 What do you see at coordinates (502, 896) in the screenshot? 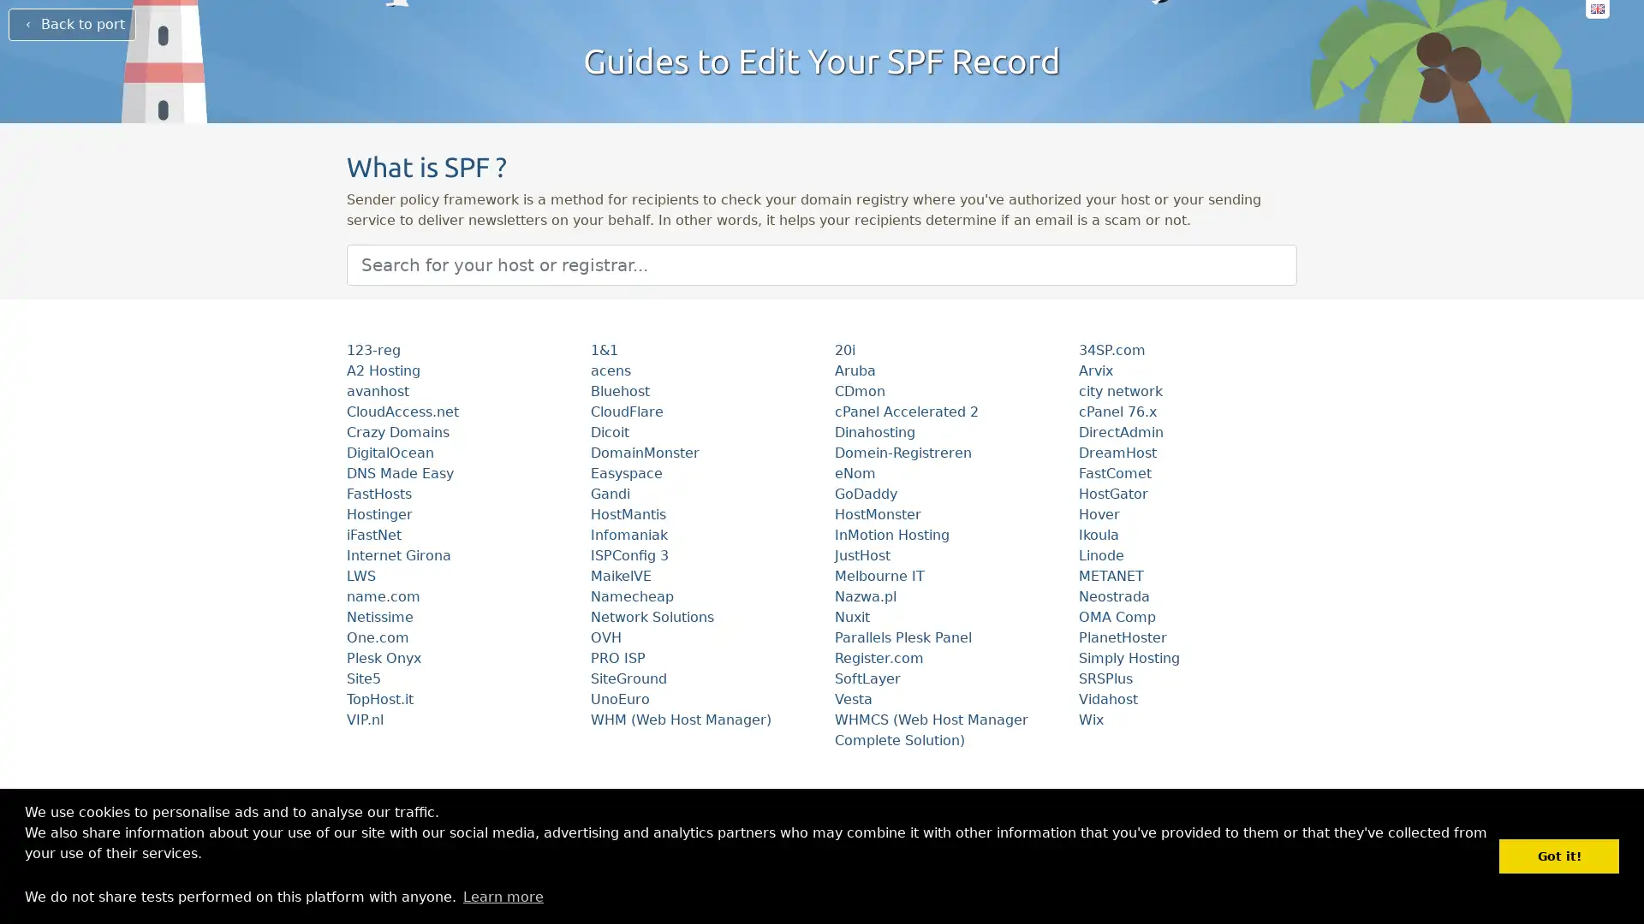
I see `learn more about cookies` at bounding box center [502, 896].